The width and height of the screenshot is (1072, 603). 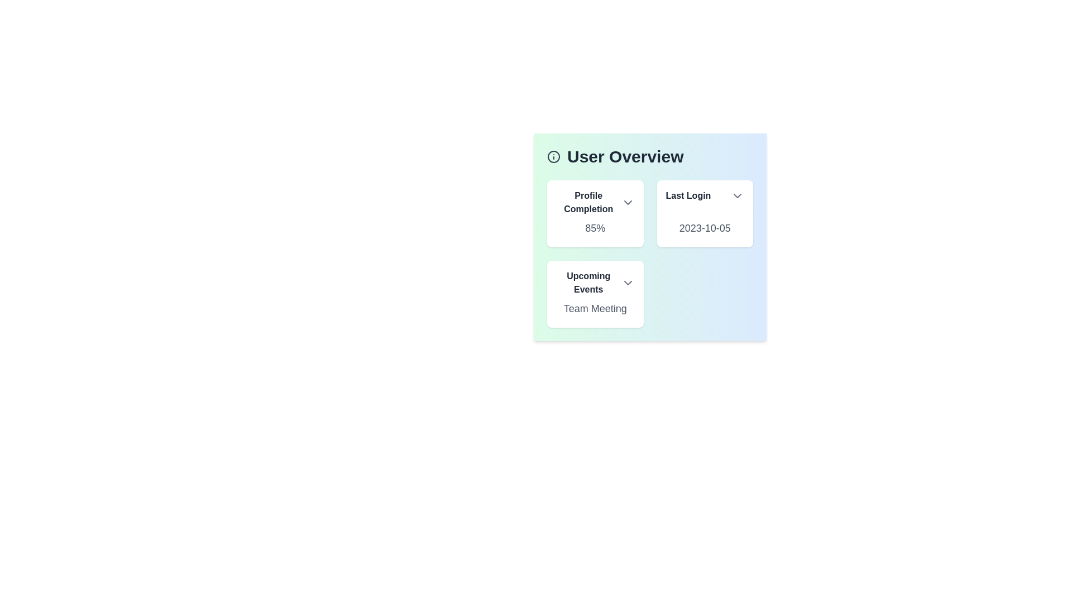 What do you see at coordinates (554, 157) in the screenshot?
I see `the circular icon with an 'i' letter in the center, which is positioned to the left of the 'User Overview' heading` at bounding box center [554, 157].